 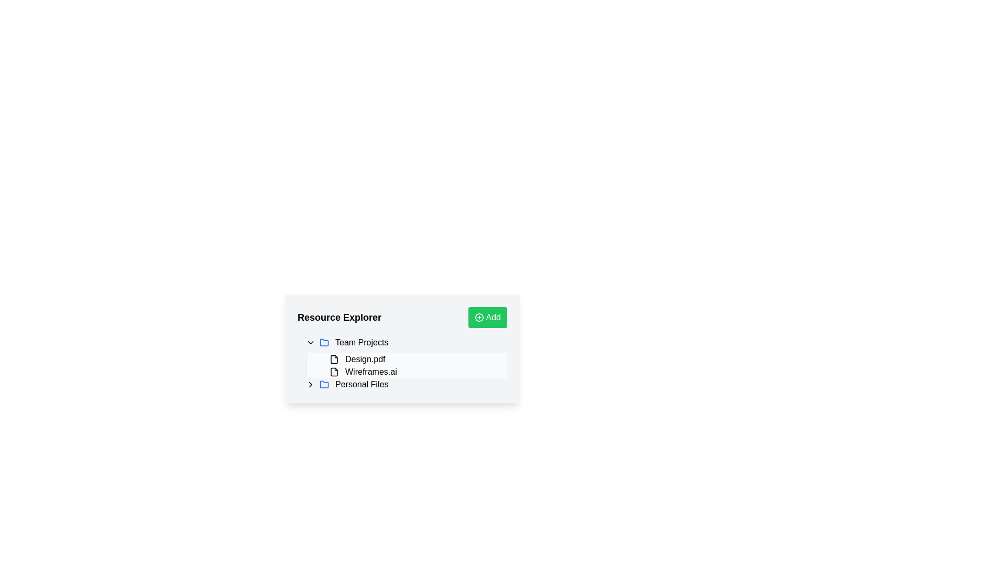 What do you see at coordinates (411, 359) in the screenshot?
I see `the 'Design.pdf' file item` at bounding box center [411, 359].